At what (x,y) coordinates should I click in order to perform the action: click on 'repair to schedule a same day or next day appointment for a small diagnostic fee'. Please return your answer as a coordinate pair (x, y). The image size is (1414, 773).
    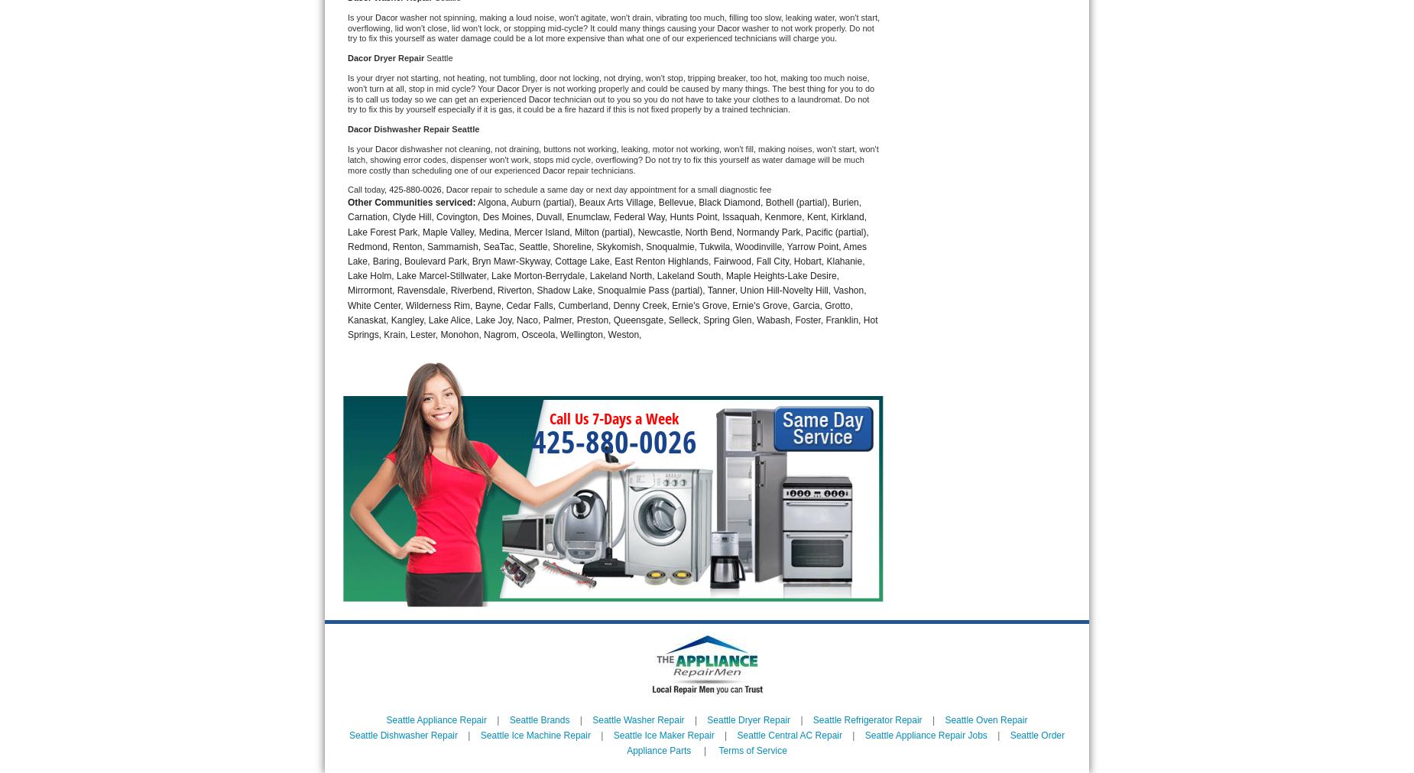
    Looking at the image, I should click on (471, 189).